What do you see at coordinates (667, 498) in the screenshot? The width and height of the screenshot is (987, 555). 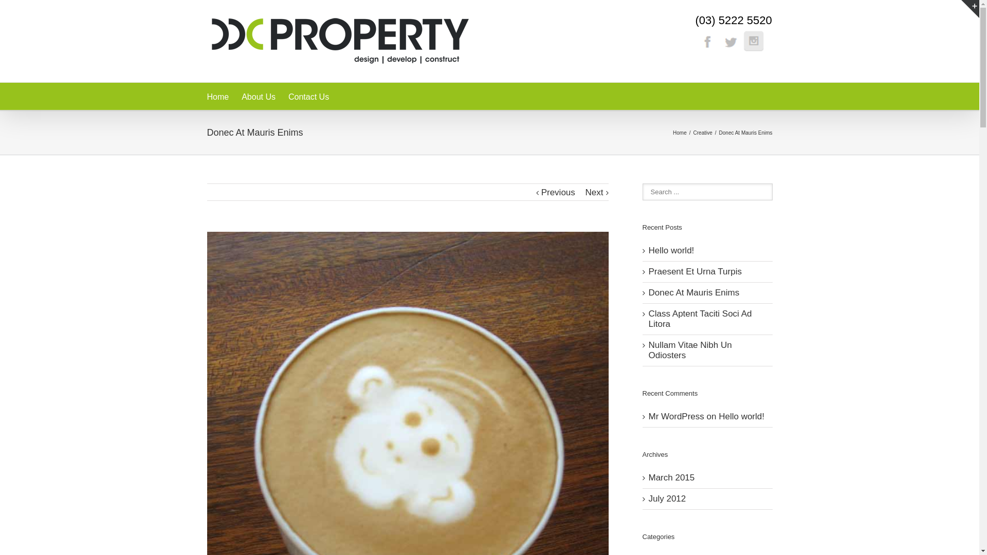 I see `'July 2012'` at bounding box center [667, 498].